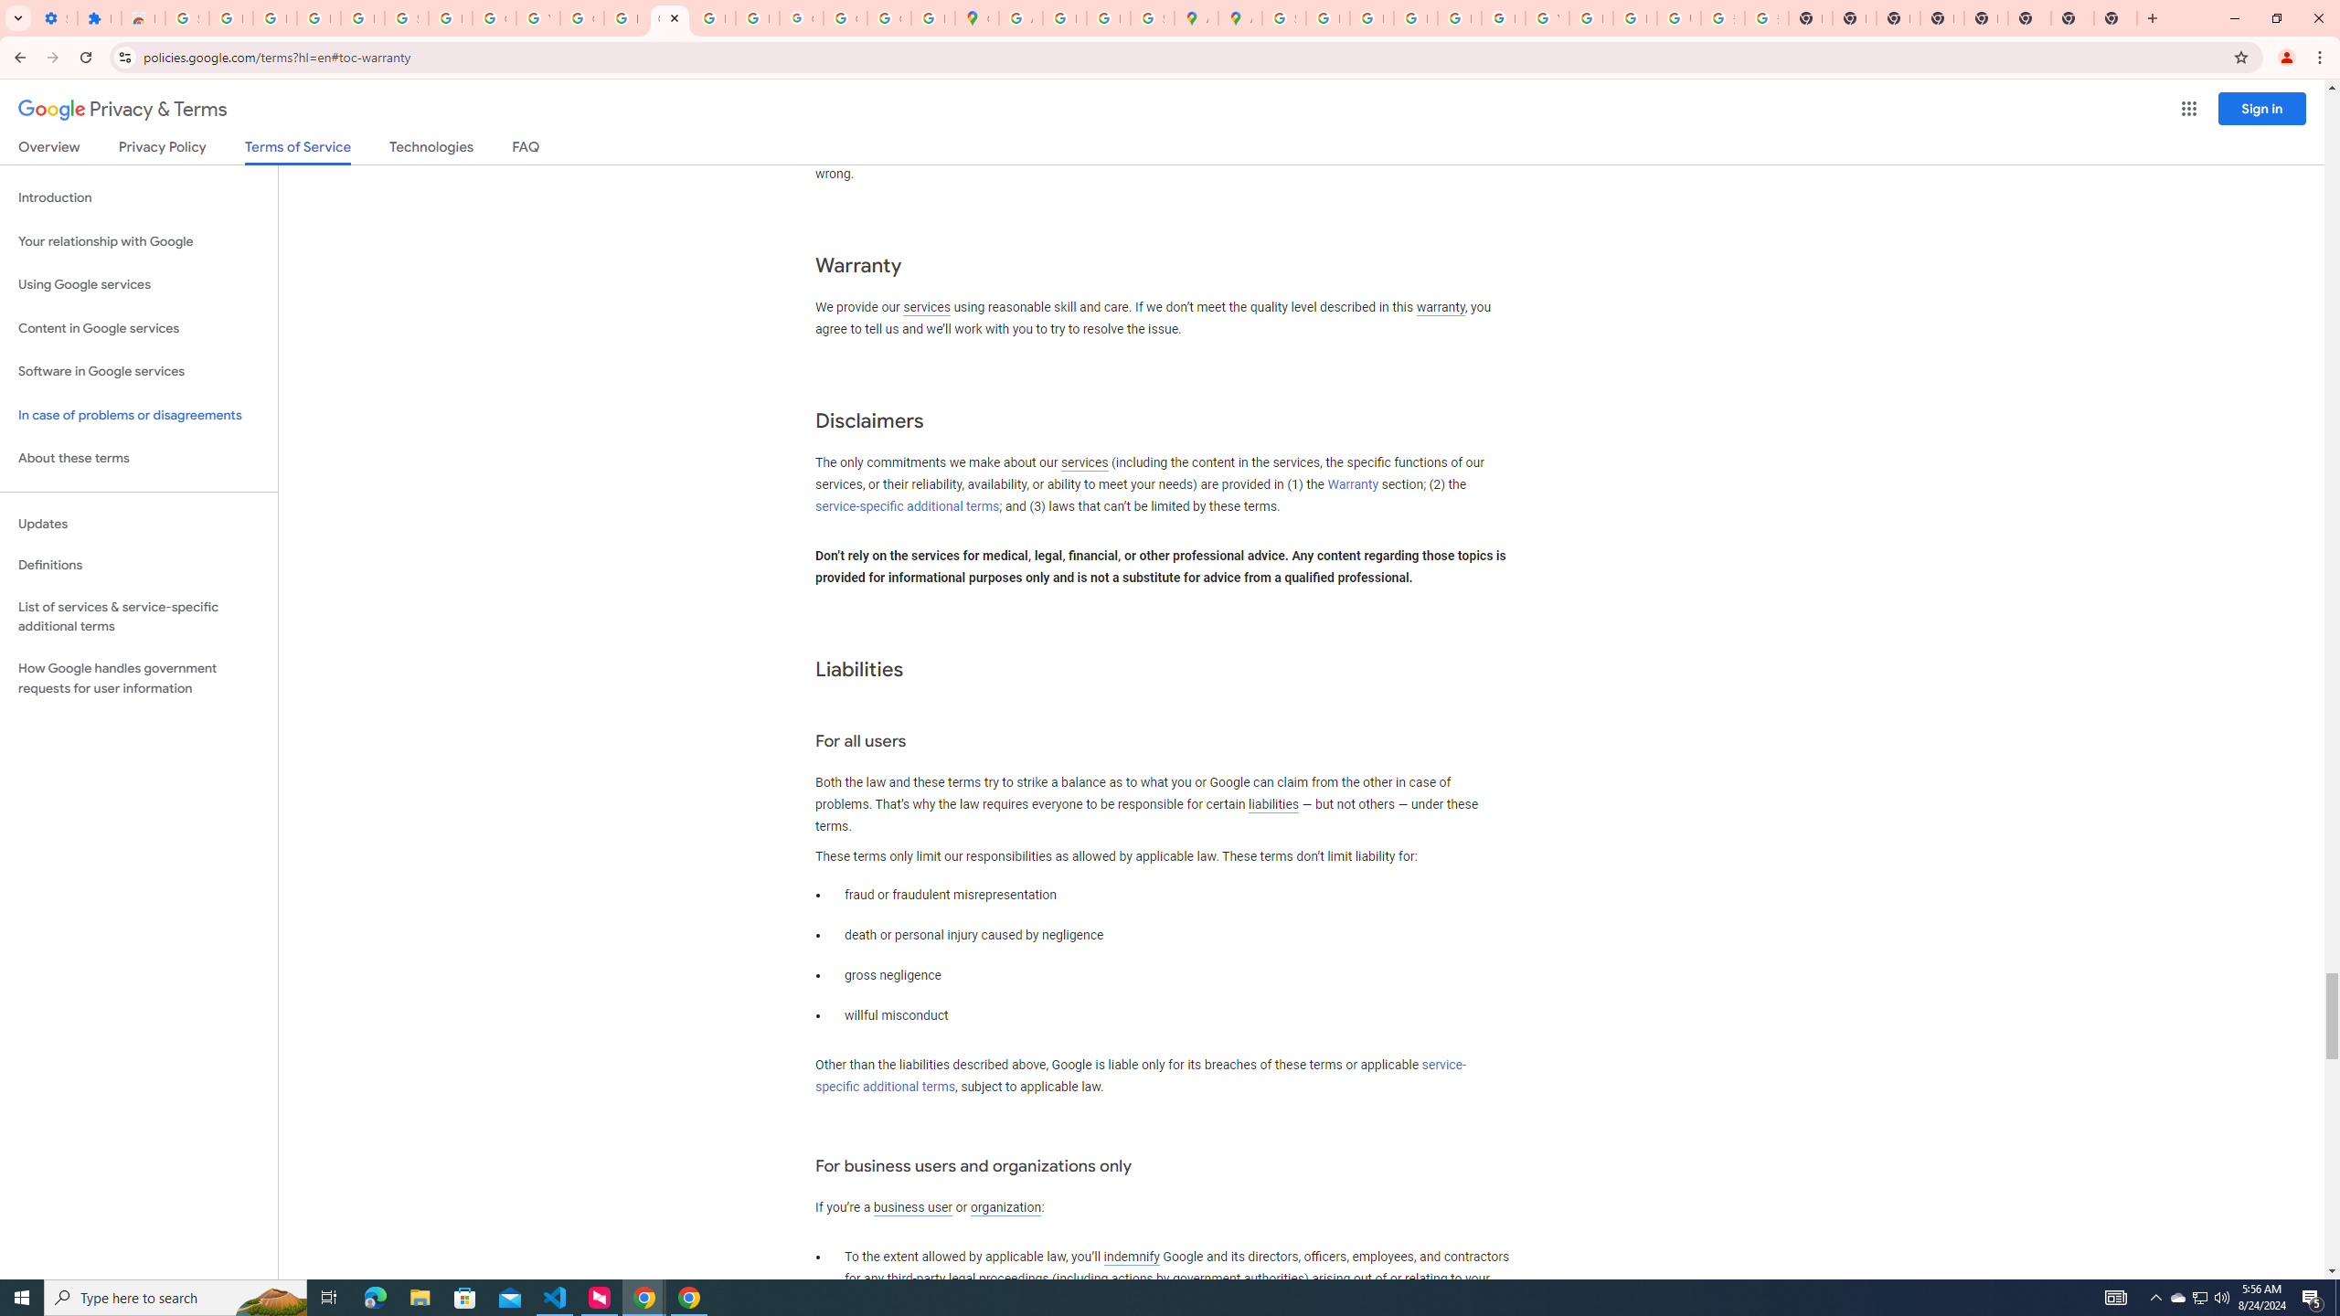 The image size is (2340, 1316). I want to click on 'FAQ', so click(526, 150).